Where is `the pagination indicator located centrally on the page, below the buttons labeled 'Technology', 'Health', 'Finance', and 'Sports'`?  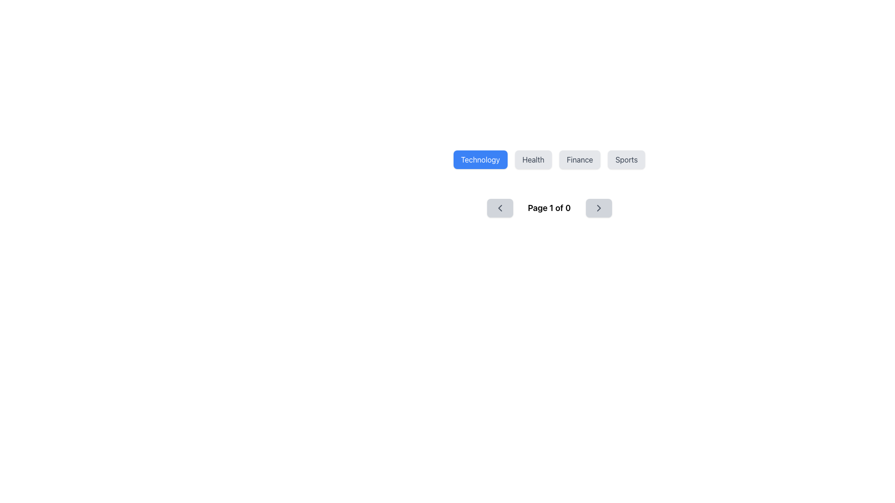
the pagination indicator located centrally on the page, below the buttons labeled 'Technology', 'Health', 'Finance', and 'Sports' is located at coordinates (549, 208).